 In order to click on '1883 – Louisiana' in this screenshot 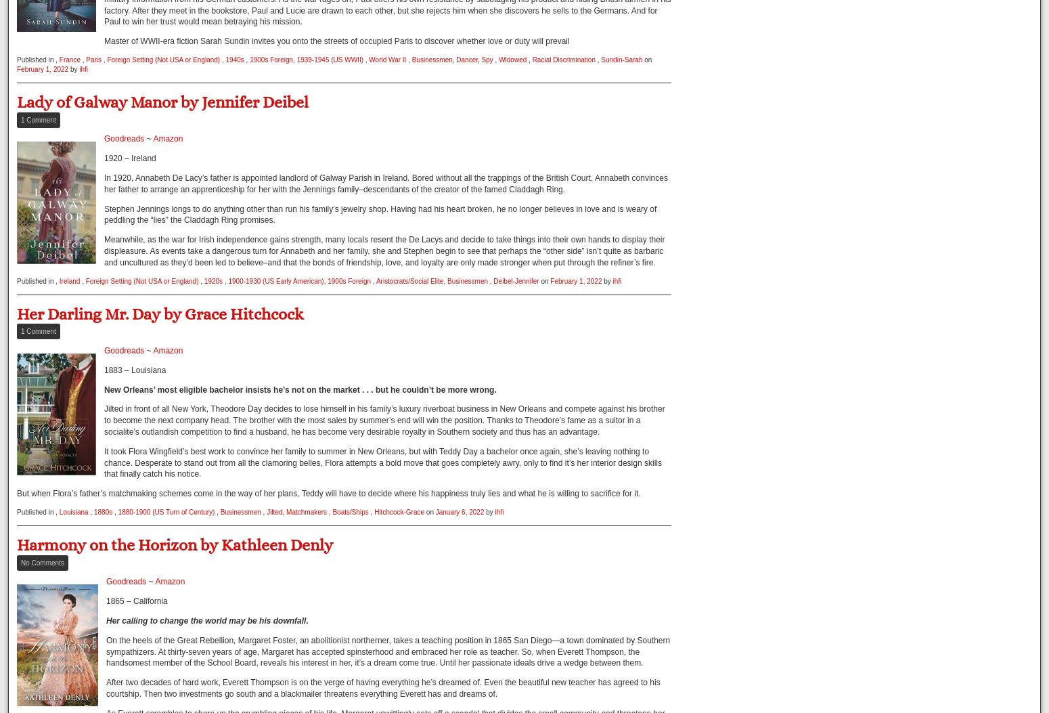, I will do `click(104, 368)`.